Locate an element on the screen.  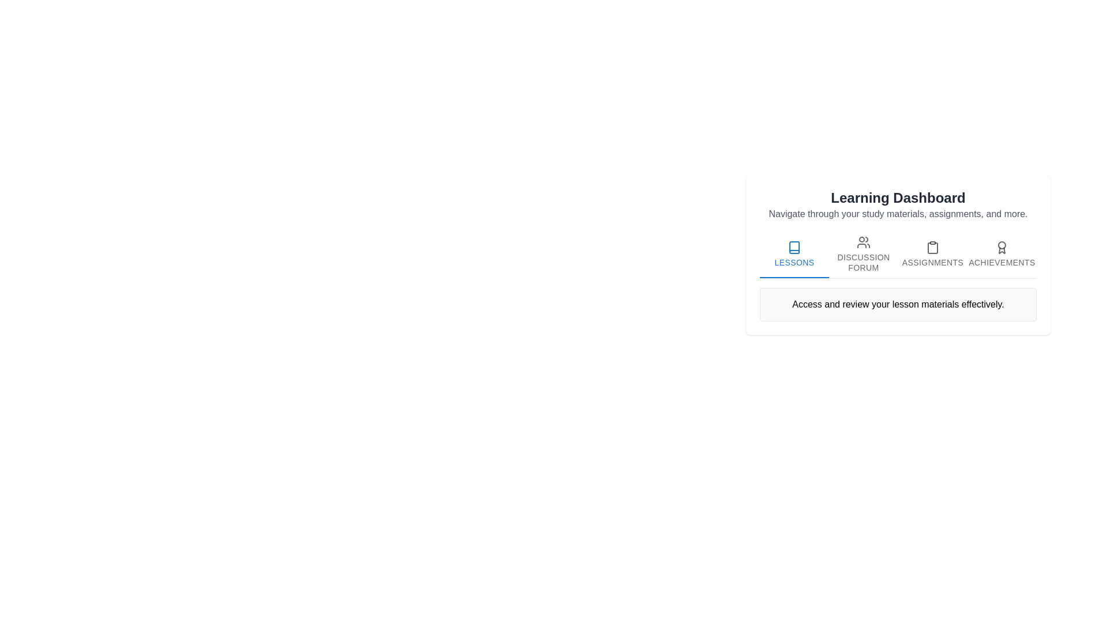
to select the 'ACHIEVEMENTS' tab located in the navigation bar, which is the fourth tab among its siblings, visually represented with an award-shaped icon and labeled in uppercase is located at coordinates (1001, 253).